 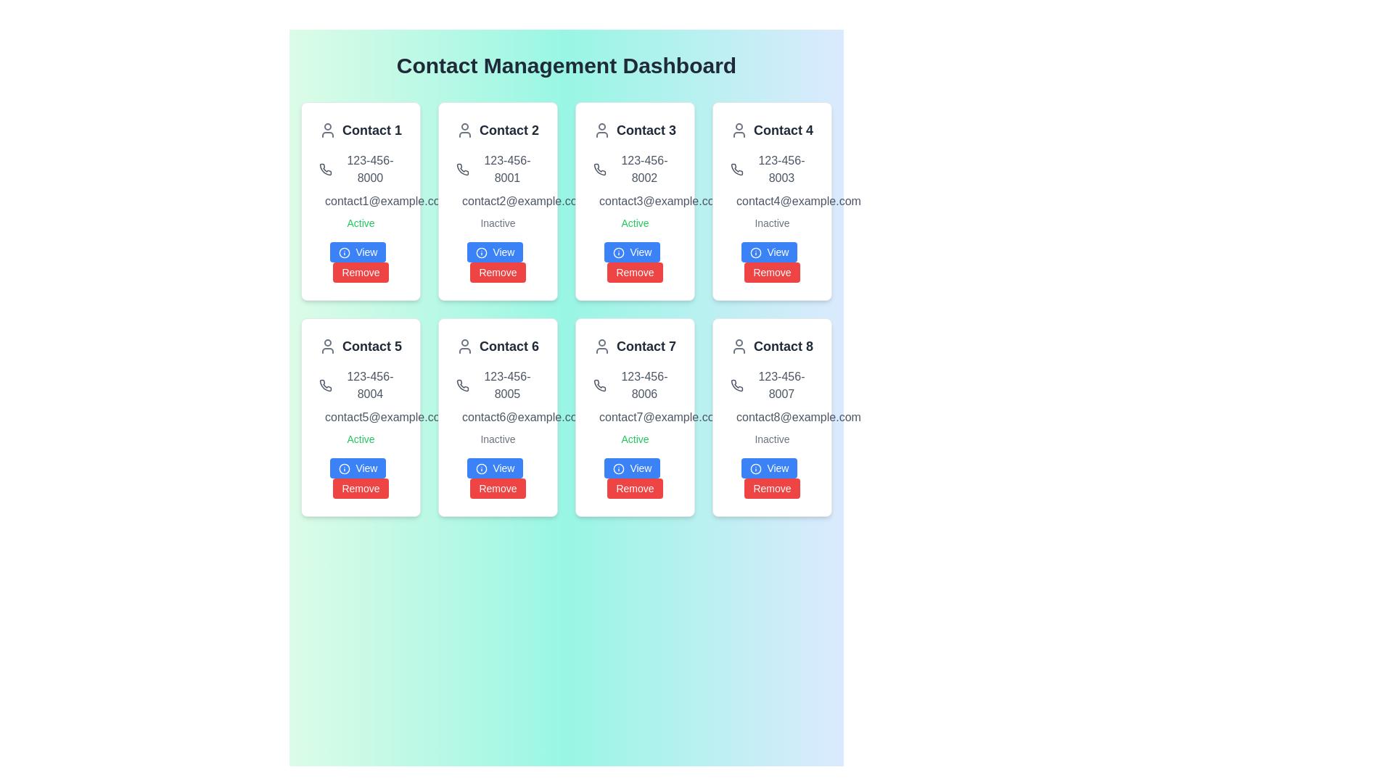 What do you see at coordinates (498, 489) in the screenshot?
I see `the red 'Remove' button with white text located in the lower section of the card for 'Contact 6'` at bounding box center [498, 489].